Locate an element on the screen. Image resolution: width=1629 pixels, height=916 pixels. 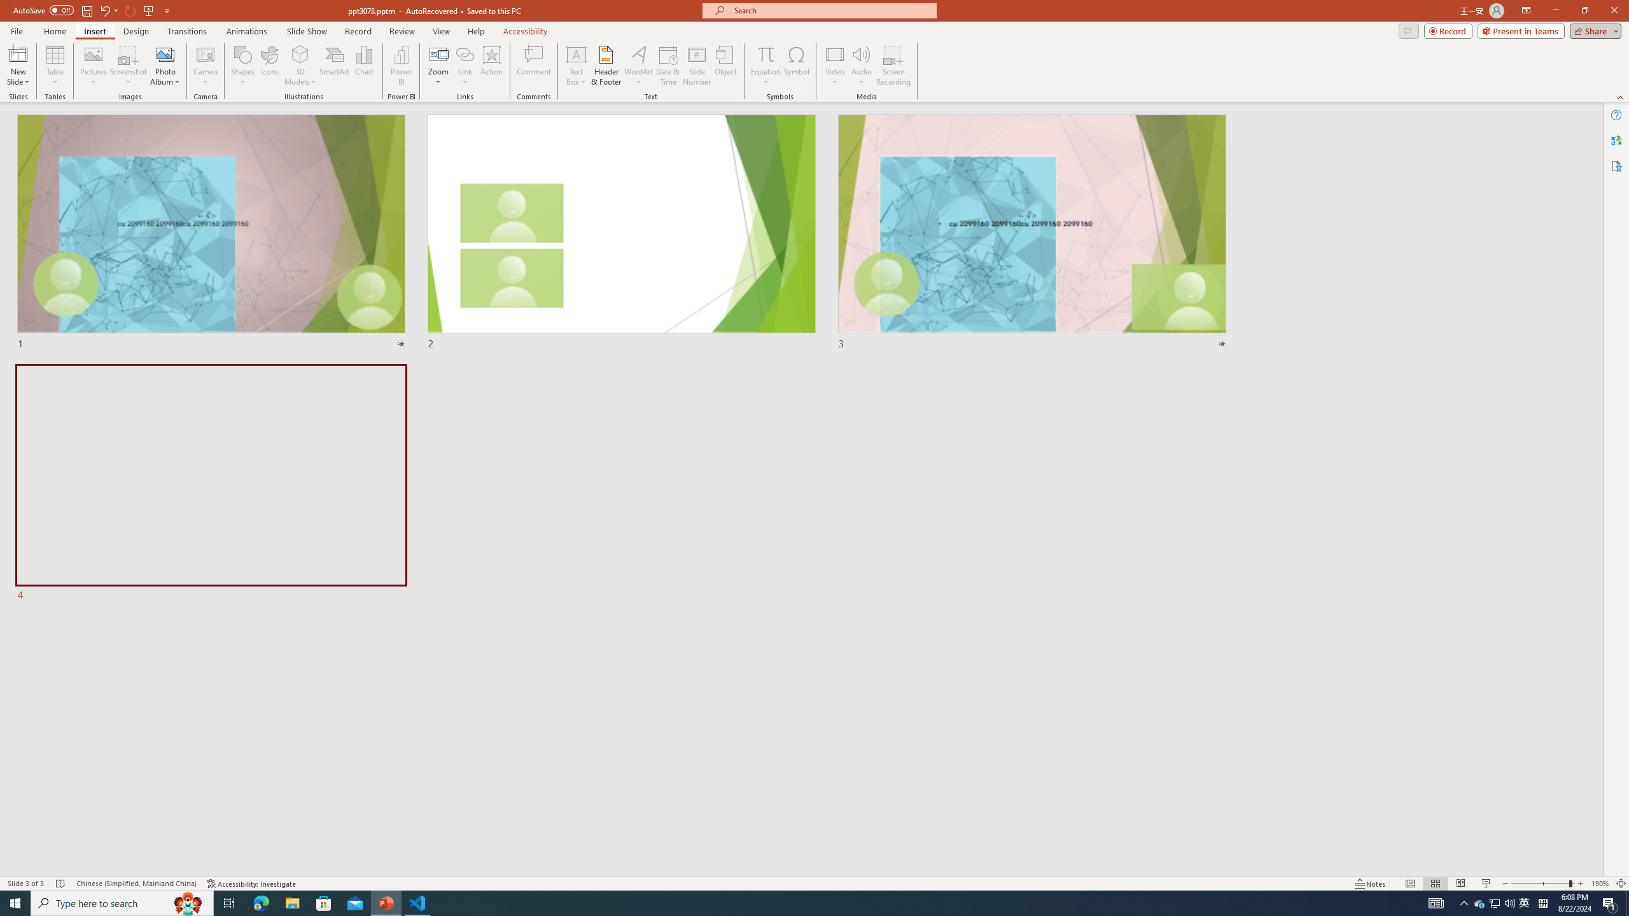
'Power BI' is located at coordinates (402, 66).